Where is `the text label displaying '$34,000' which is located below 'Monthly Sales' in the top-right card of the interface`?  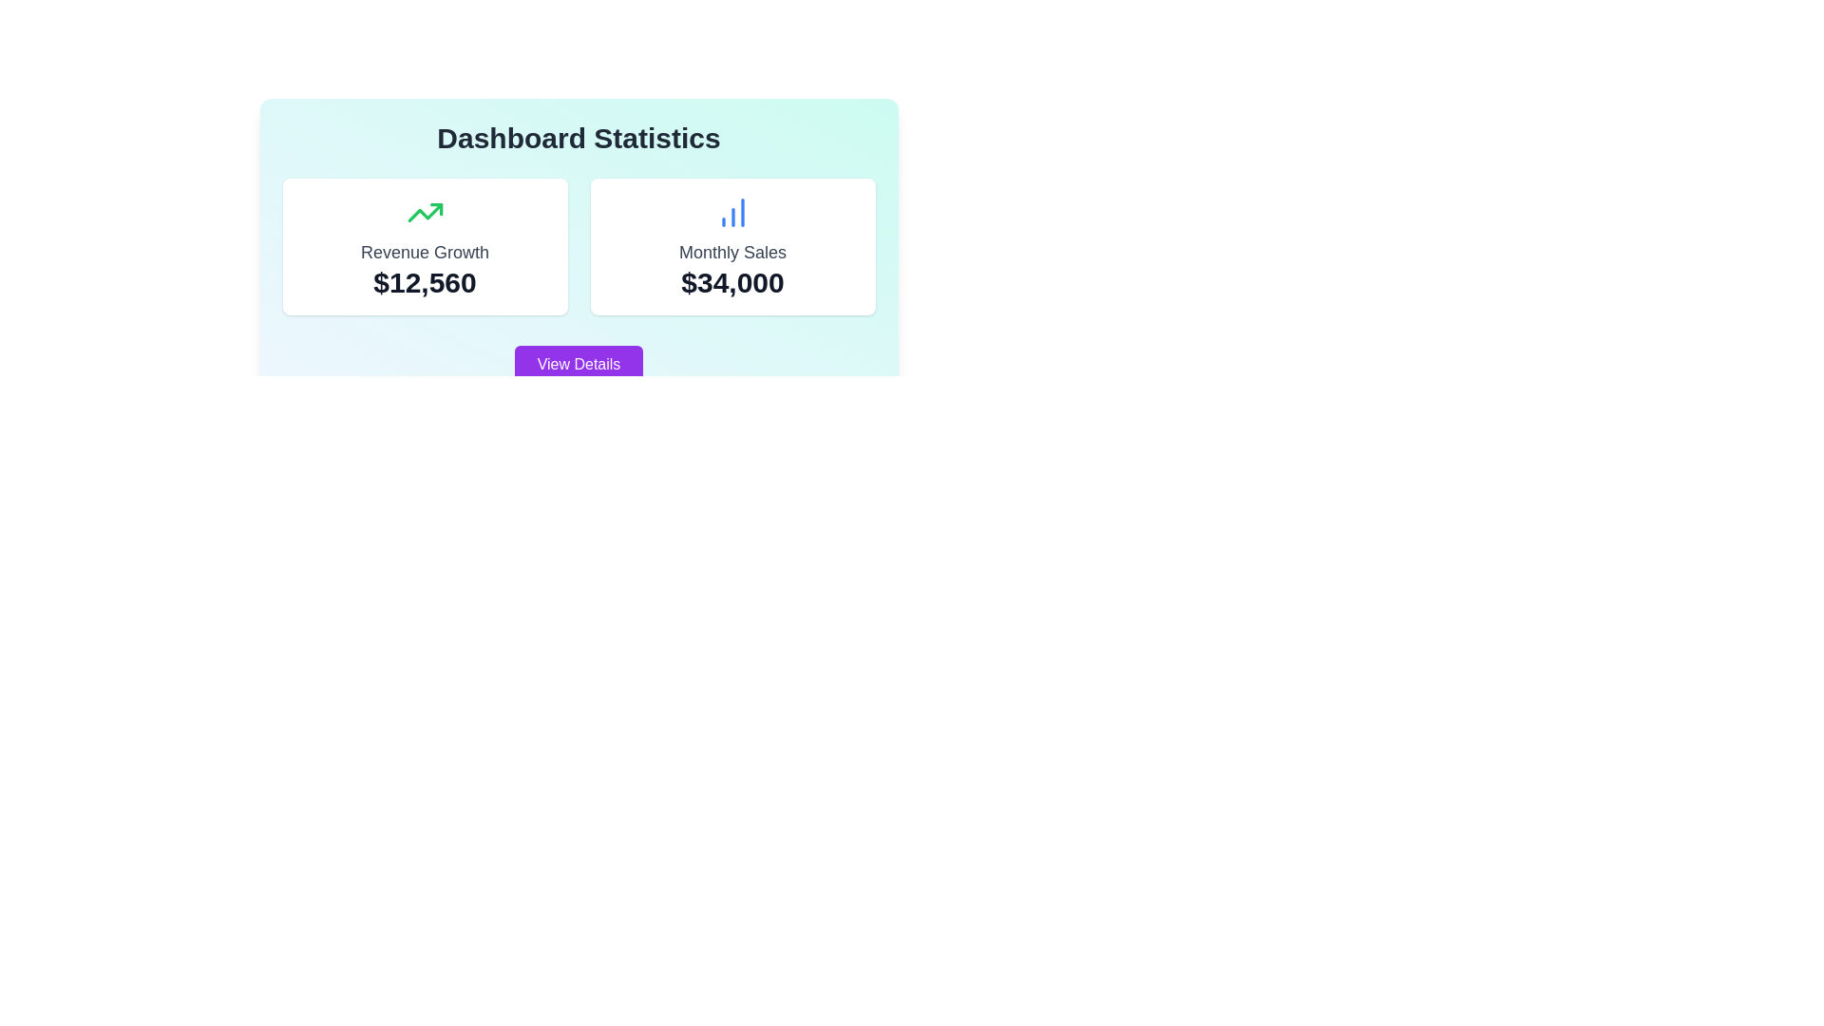
the text label displaying '$34,000' which is located below 'Monthly Sales' in the top-right card of the interface is located at coordinates (731, 282).